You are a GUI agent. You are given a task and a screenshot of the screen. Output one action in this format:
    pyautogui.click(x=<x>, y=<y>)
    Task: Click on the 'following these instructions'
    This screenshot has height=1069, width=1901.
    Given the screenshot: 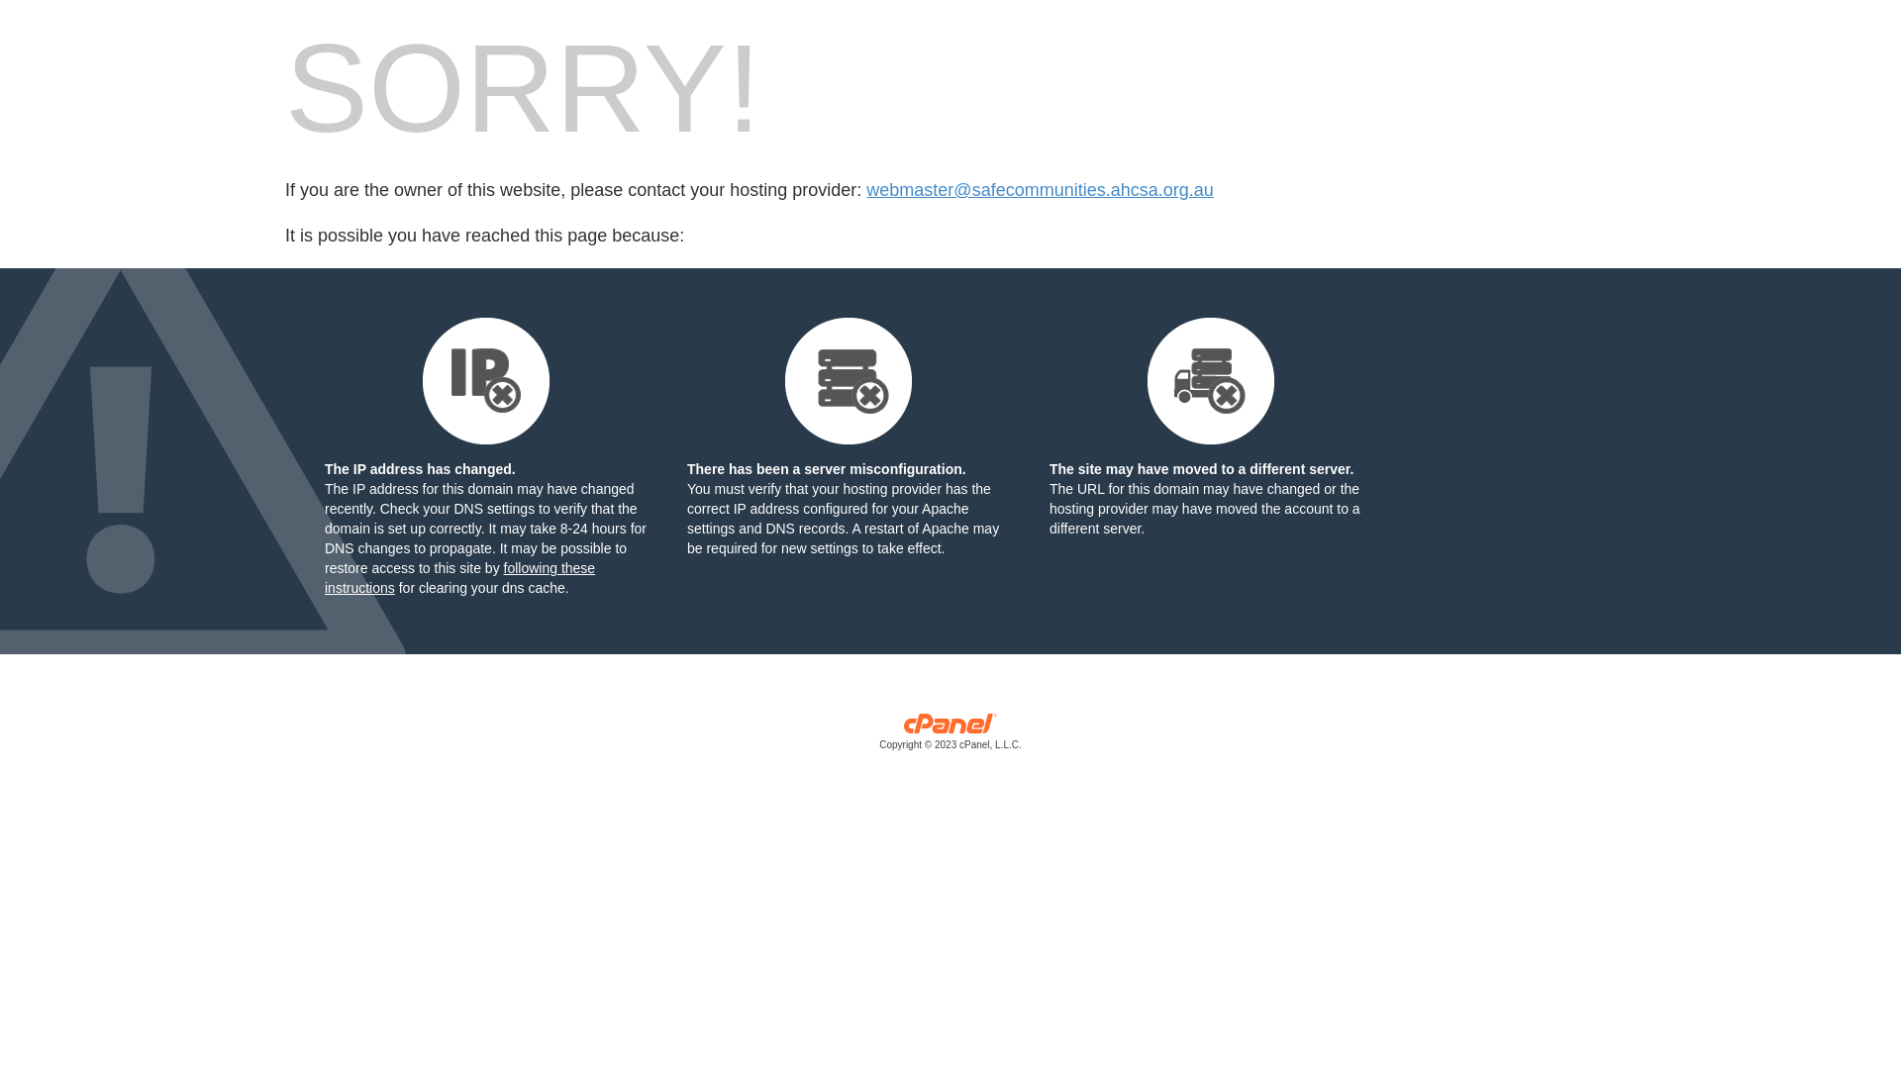 What is the action you would take?
    pyautogui.click(x=458, y=577)
    